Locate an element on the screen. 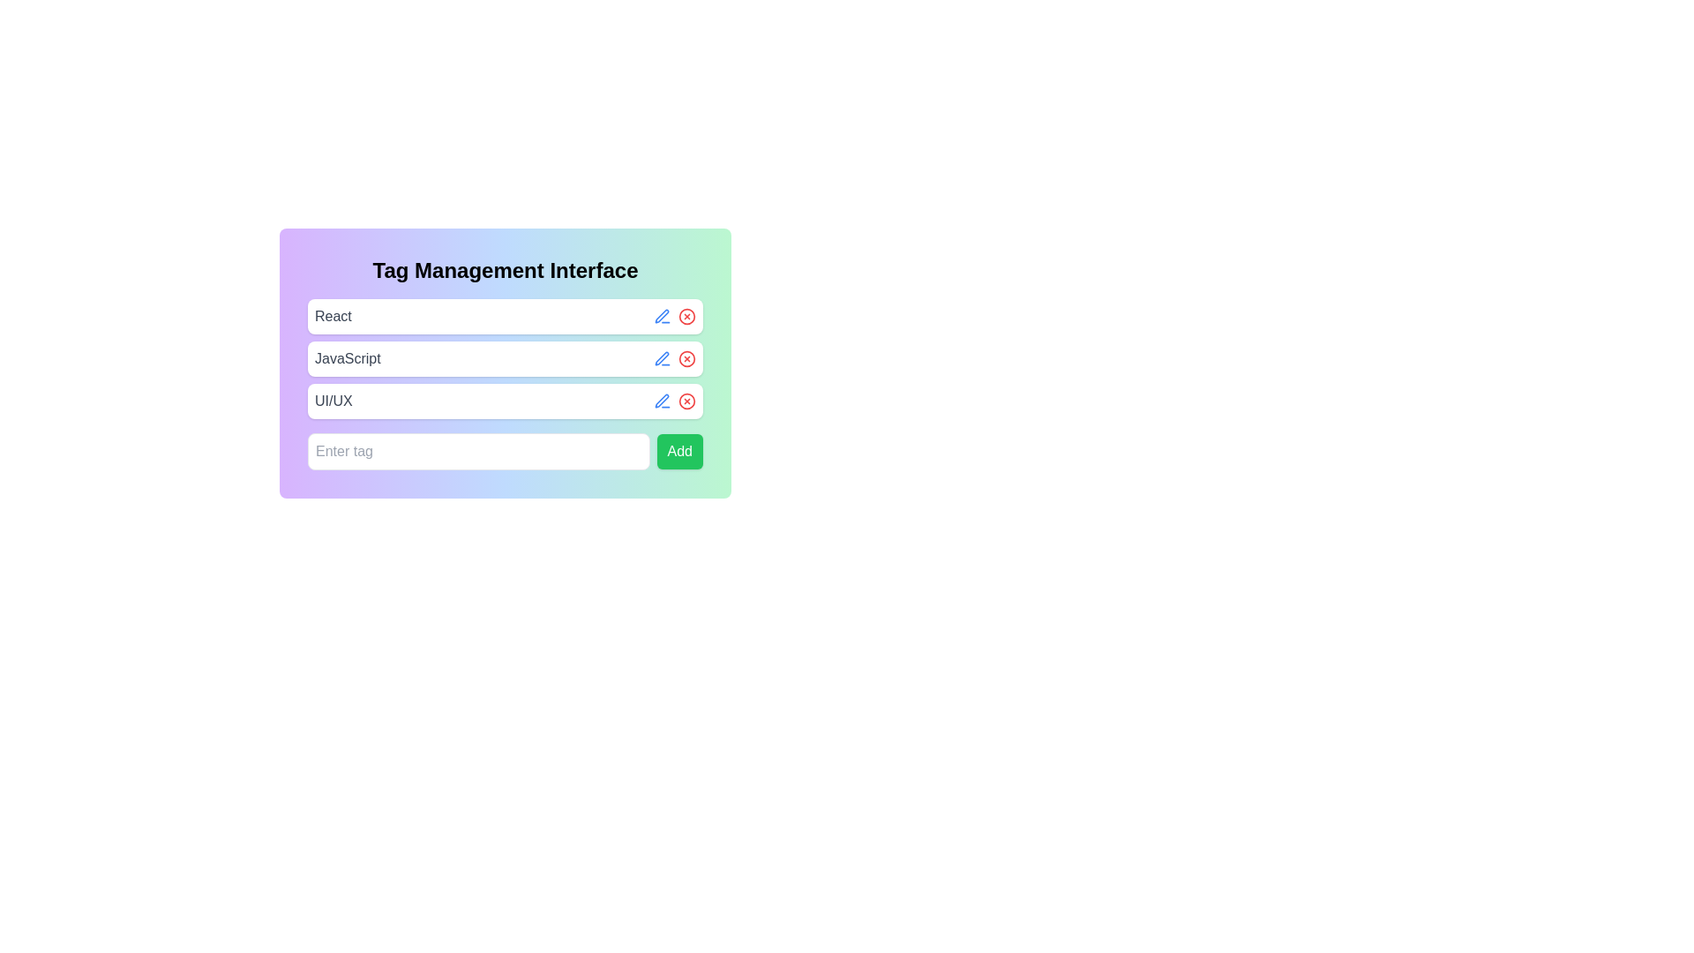  the Tag display card labeled 'JavaScript', which is the second item in a vertically stacked list of similar cards is located at coordinates (504, 363).